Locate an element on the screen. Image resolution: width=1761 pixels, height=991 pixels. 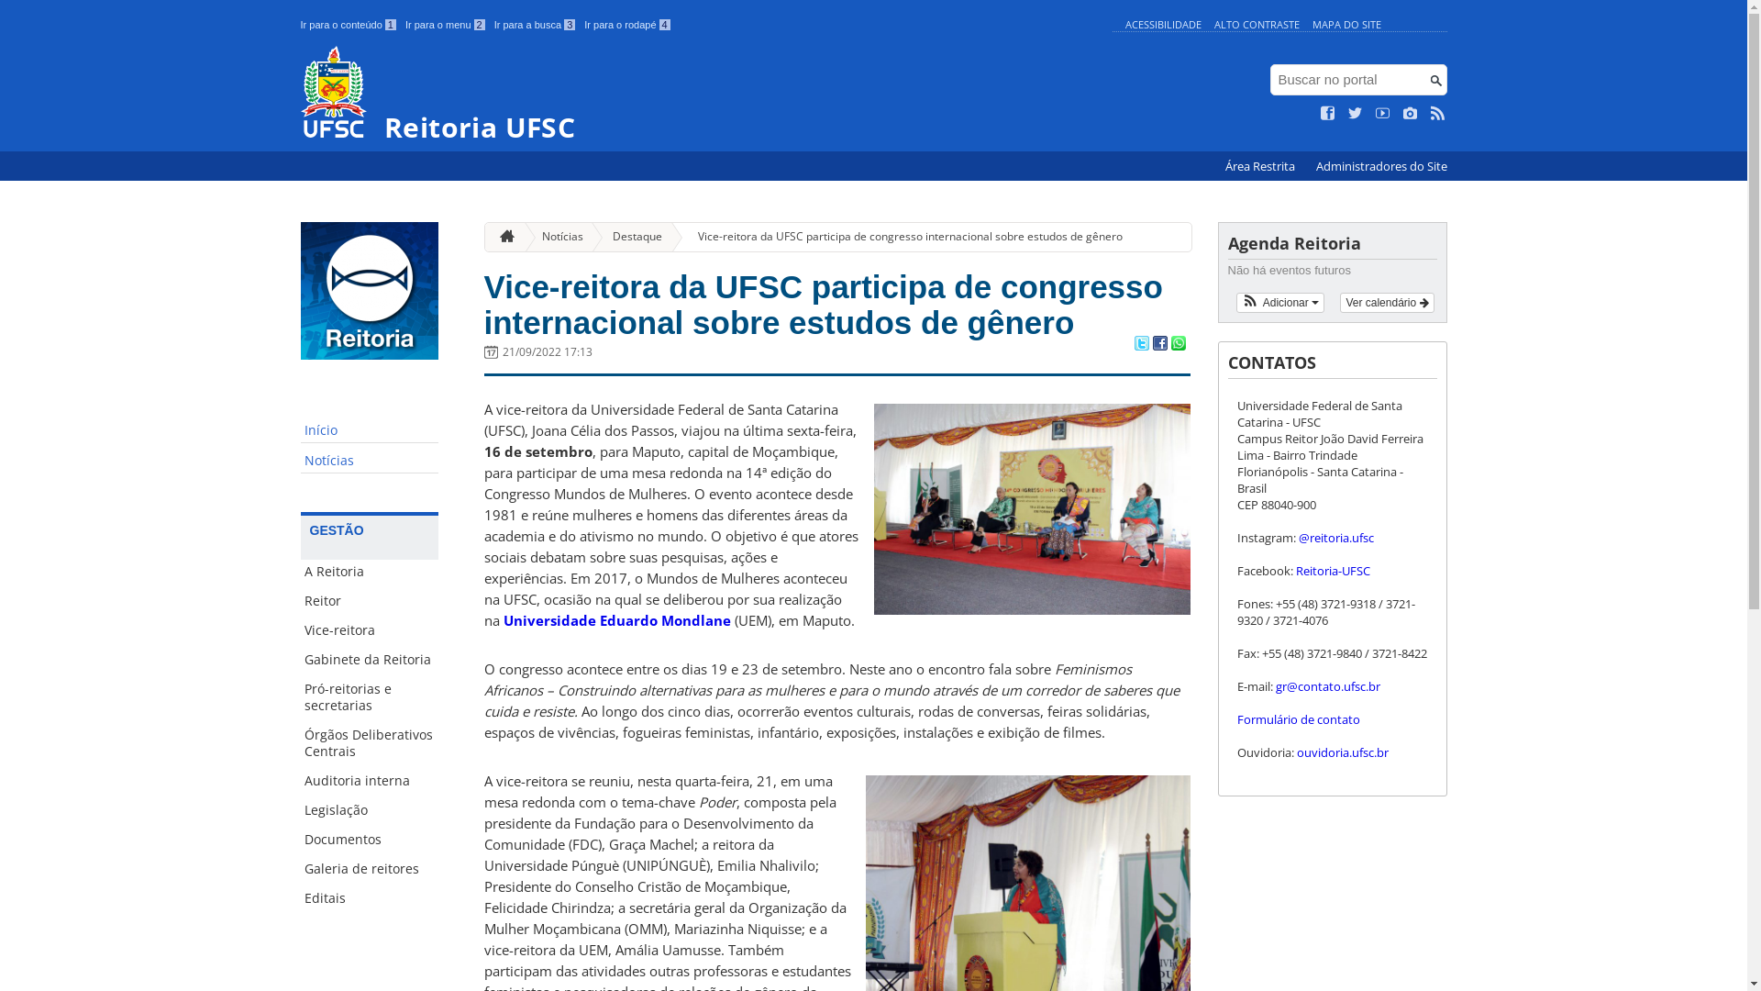
'MAPA DO SITE' is located at coordinates (1346, 24).